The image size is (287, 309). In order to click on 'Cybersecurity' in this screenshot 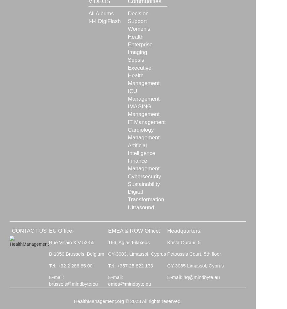, I will do `click(127, 176)`.